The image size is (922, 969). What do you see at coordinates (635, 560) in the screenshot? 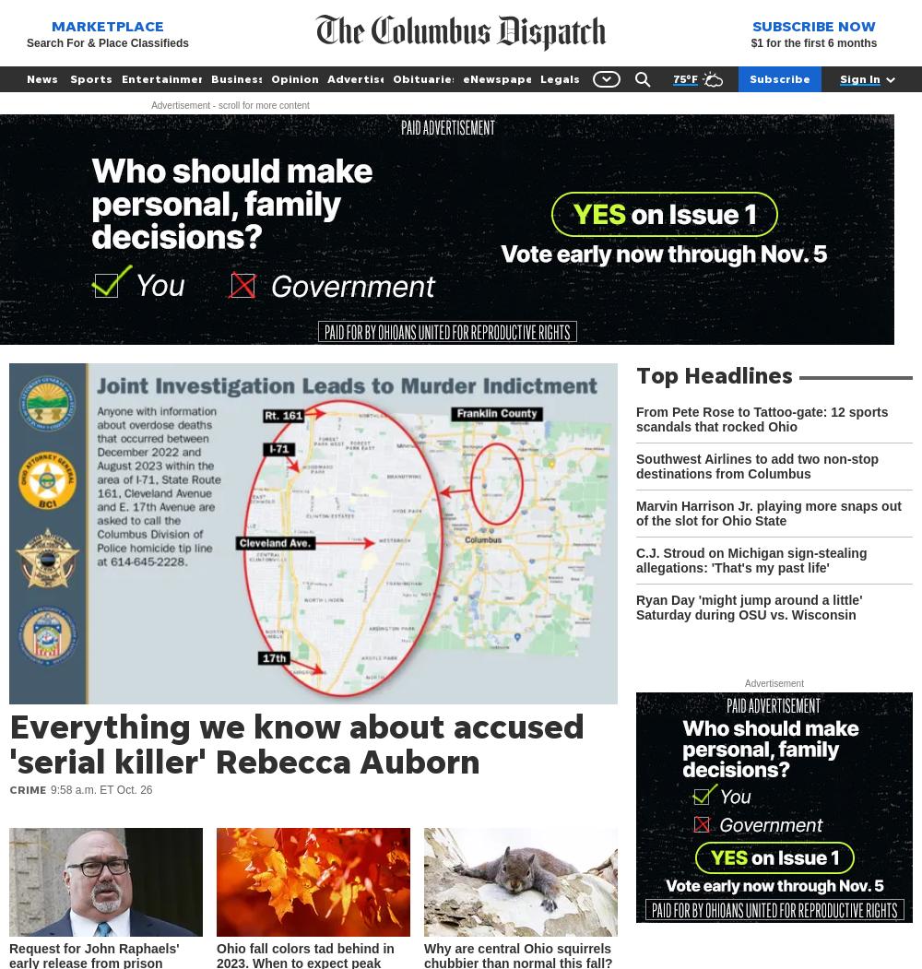
I see `'C.J. Stroud on Michigan sign-stealing allegations: 'That's my past life''` at bounding box center [635, 560].